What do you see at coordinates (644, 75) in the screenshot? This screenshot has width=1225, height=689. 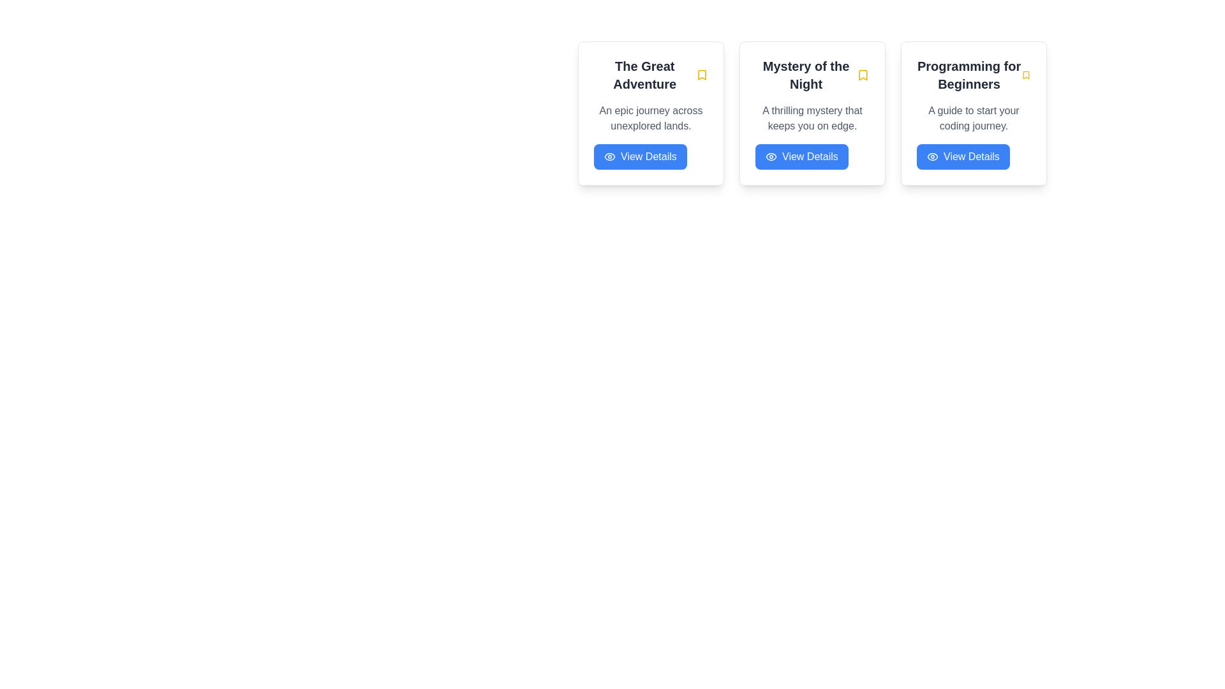 I see `the bold text that reads 'The Great Adventure', located at the top center of the leftmost card among three horizontally aligned cards` at bounding box center [644, 75].